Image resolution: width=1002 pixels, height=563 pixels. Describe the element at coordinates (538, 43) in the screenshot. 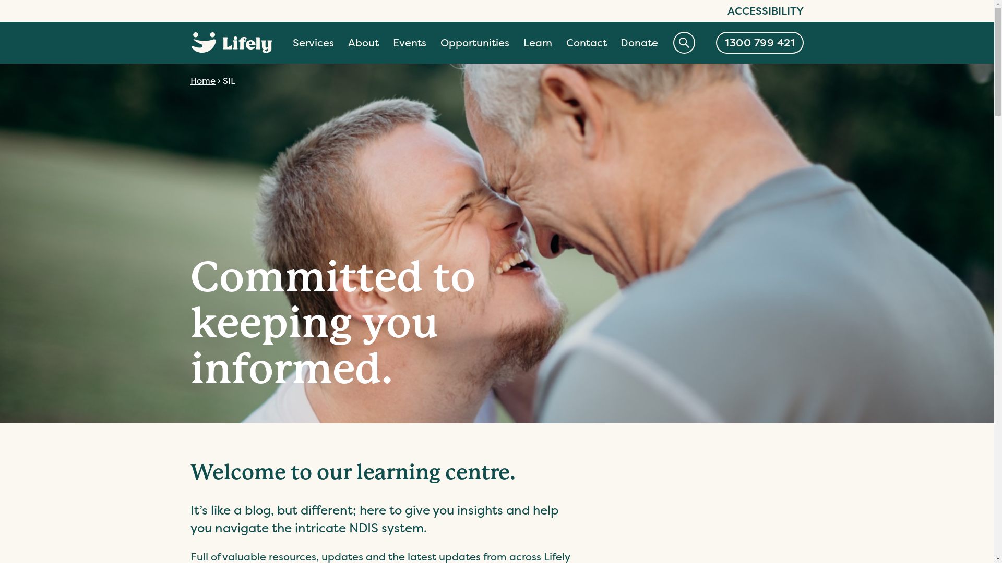

I see `'Learn'` at that location.